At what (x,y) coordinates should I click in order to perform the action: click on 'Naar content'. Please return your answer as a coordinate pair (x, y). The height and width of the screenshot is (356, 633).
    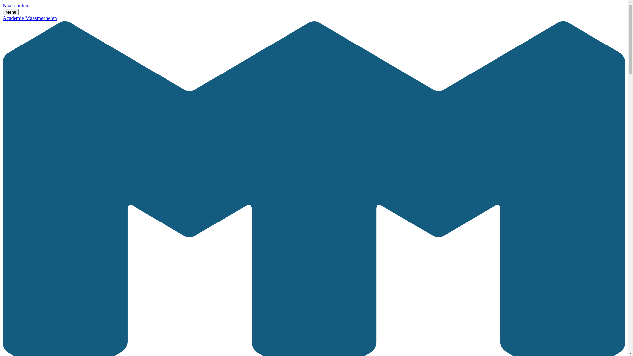
    Looking at the image, I should click on (16, 5).